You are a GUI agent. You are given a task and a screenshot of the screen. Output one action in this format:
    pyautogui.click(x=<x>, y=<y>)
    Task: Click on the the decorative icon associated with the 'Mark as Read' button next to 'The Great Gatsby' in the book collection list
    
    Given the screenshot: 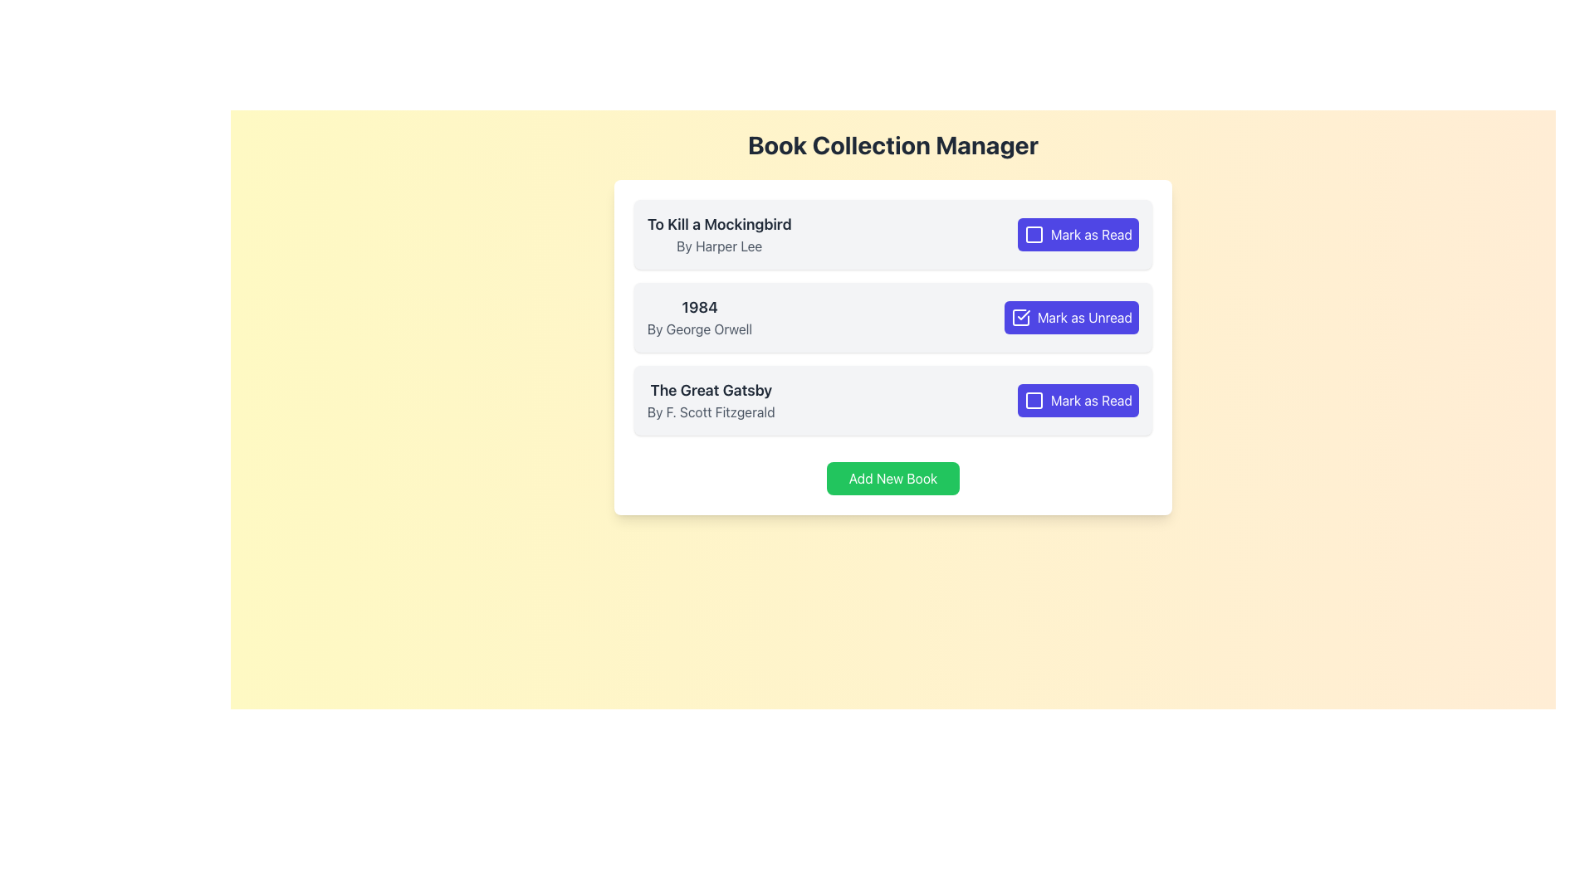 What is the action you would take?
    pyautogui.click(x=1033, y=400)
    